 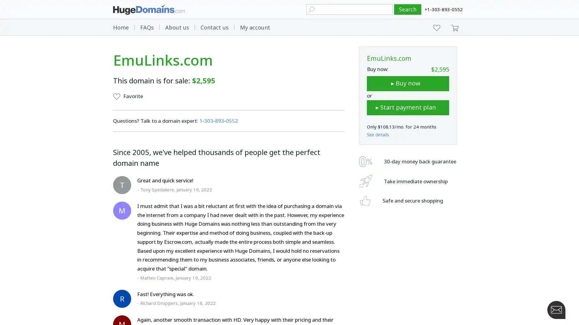 What do you see at coordinates (408, 9) in the screenshot?
I see `Search` at bounding box center [408, 9].